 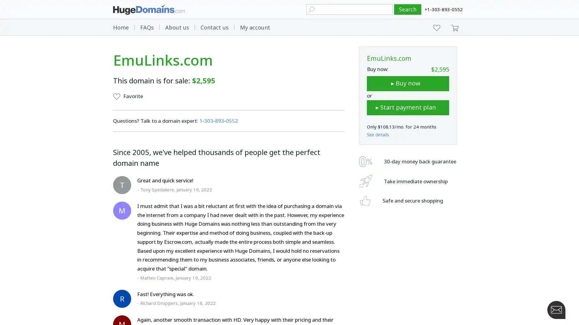 What do you see at coordinates (408, 9) in the screenshot?
I see `Search` at bounding box center [408, 9].